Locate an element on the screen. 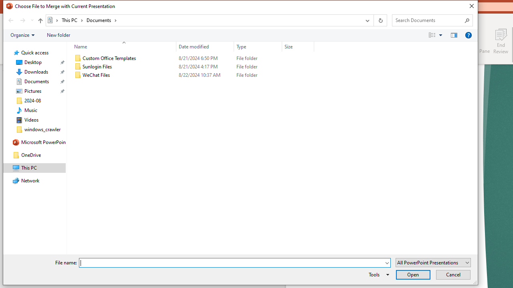 Image resolution: width=513 pixels, height=288 pixels. 'Documents' is located at coordinates (101, 20).